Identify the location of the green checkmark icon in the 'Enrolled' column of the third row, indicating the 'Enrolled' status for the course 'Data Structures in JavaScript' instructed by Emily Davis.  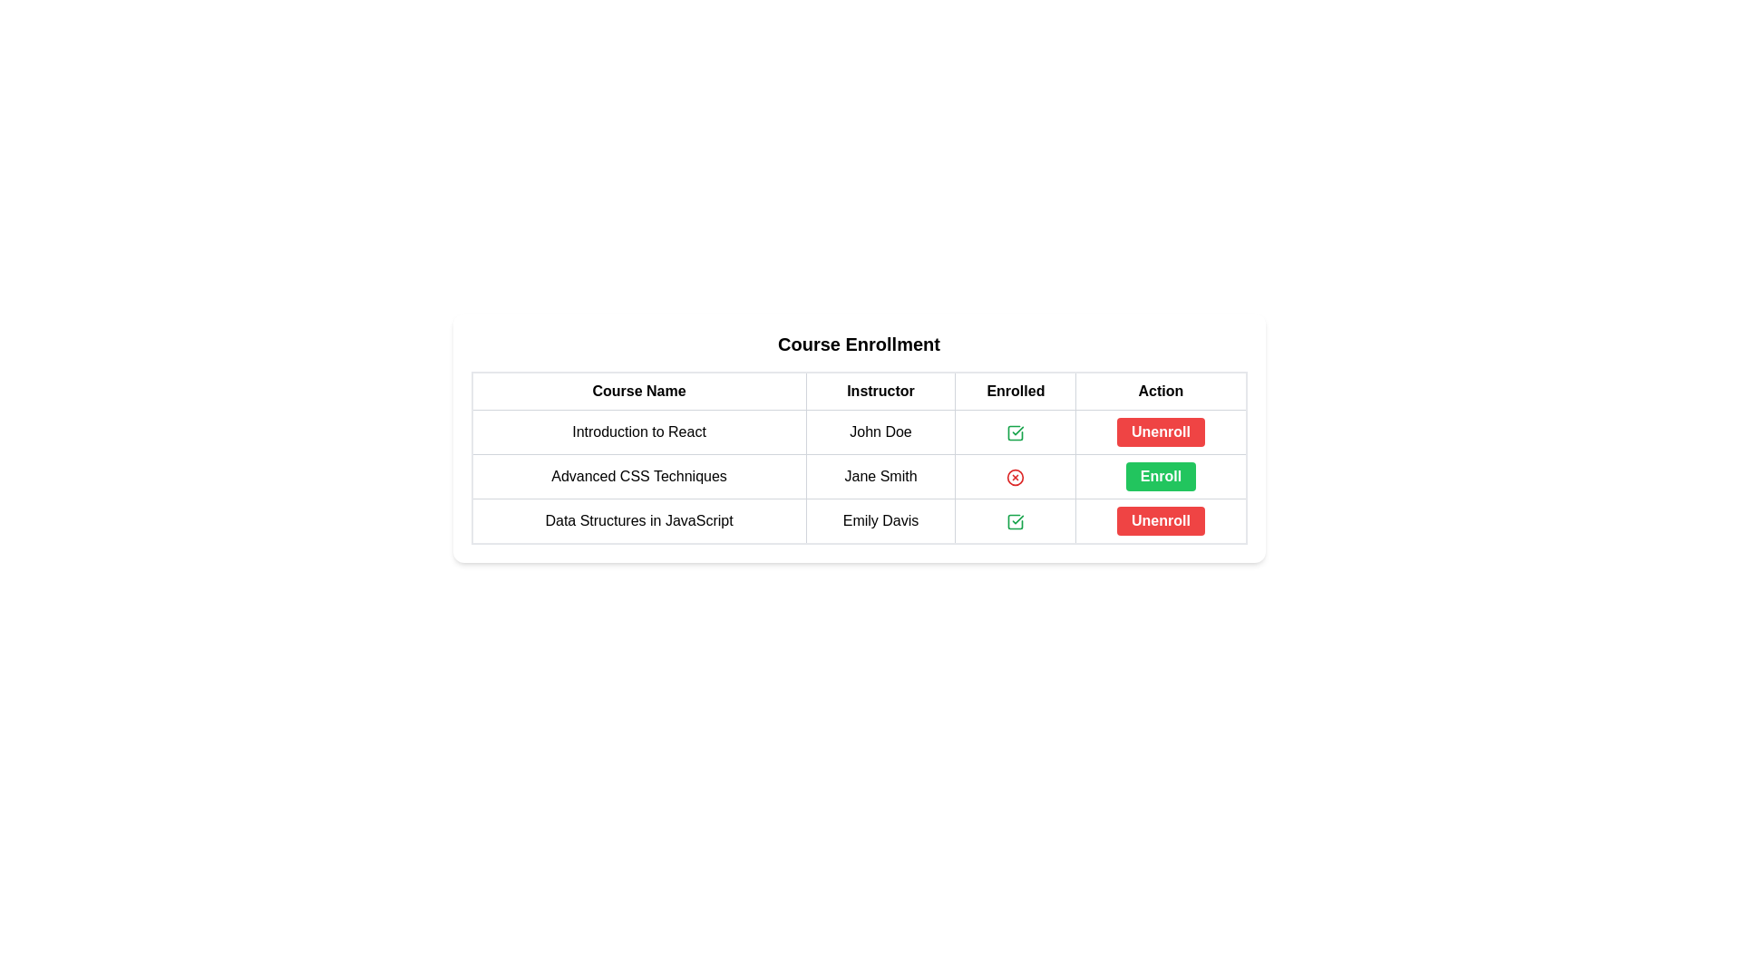
(1016, 521).